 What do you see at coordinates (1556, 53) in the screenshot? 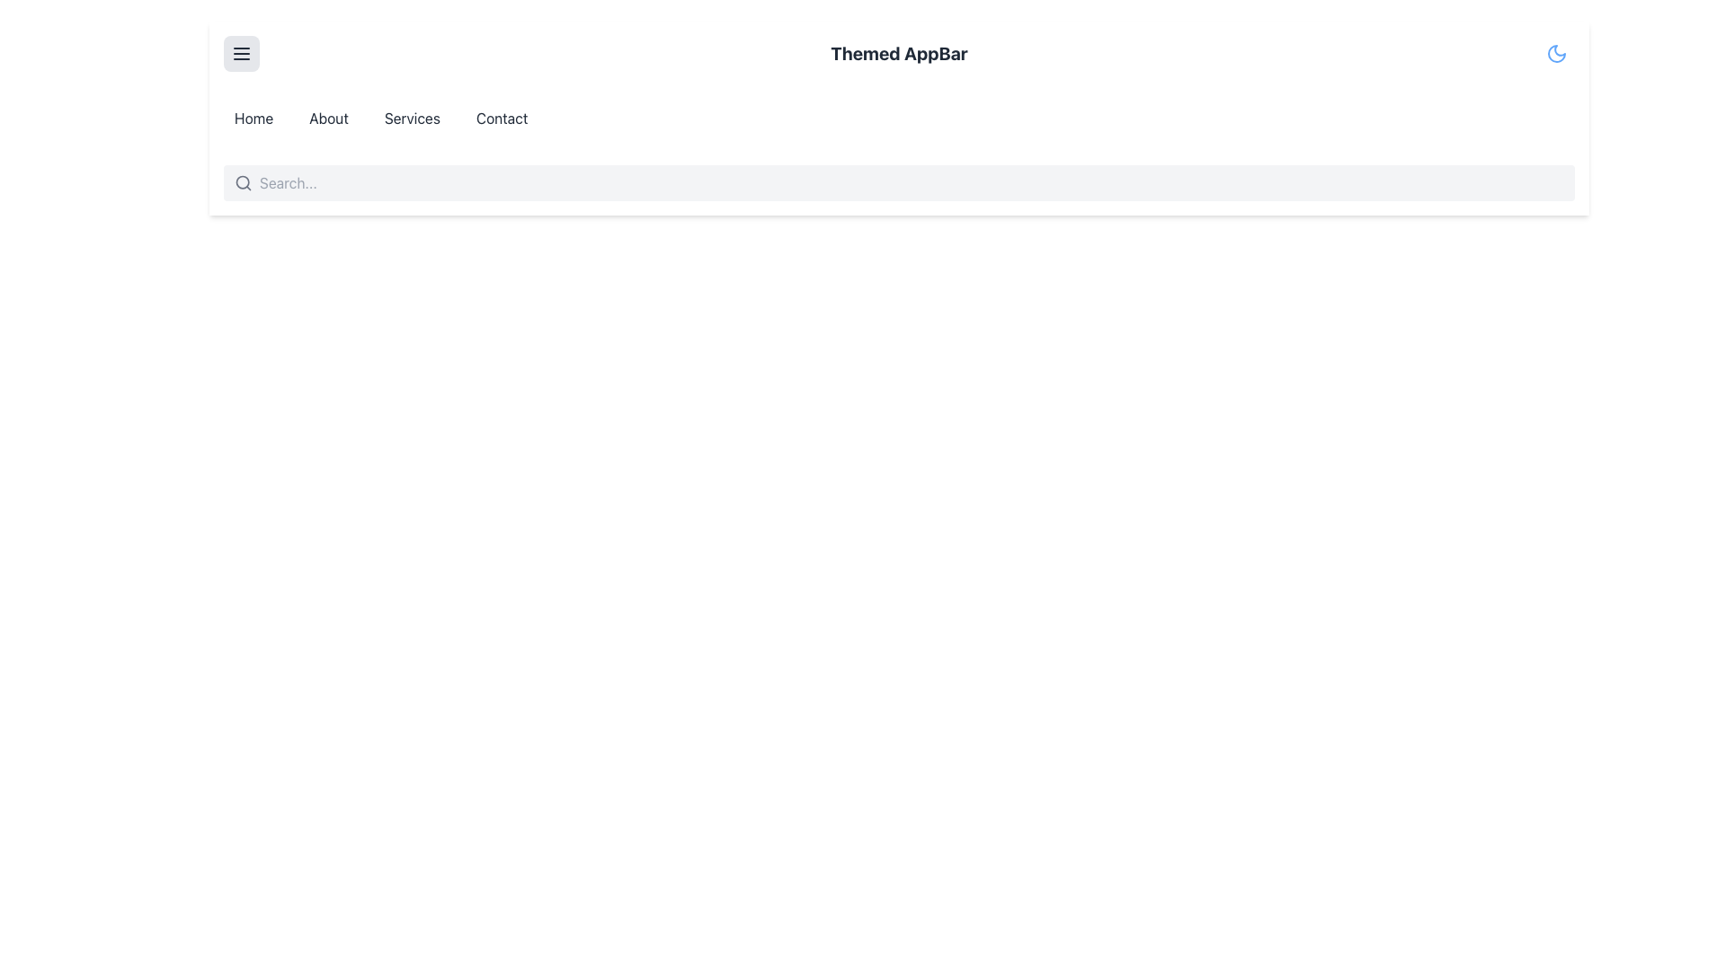
I see `the moon icon in the top-right corner of the application's header, which has a rounded crescent design and is blue in color` at bounding box center [1556, 53].